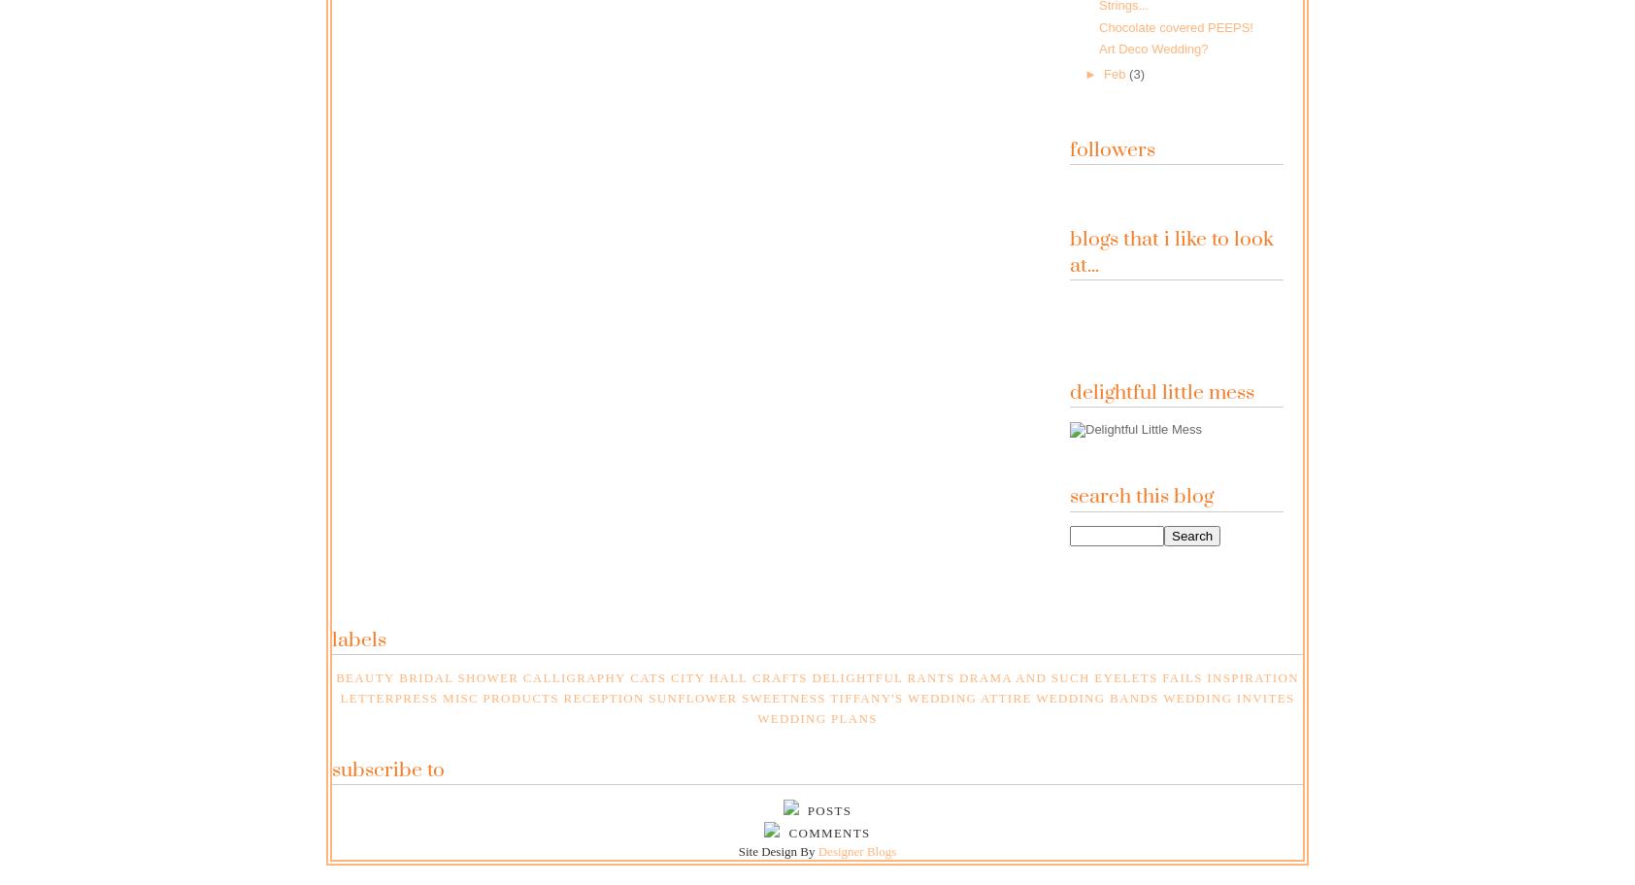  What do you see at coordinates (692, 698) in the screenshot?
I see `'Sunflower'` at bounding box center [692, 698].